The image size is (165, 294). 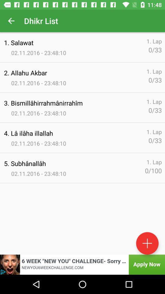 I want to click on advertisement, so click(x=82, y=264).